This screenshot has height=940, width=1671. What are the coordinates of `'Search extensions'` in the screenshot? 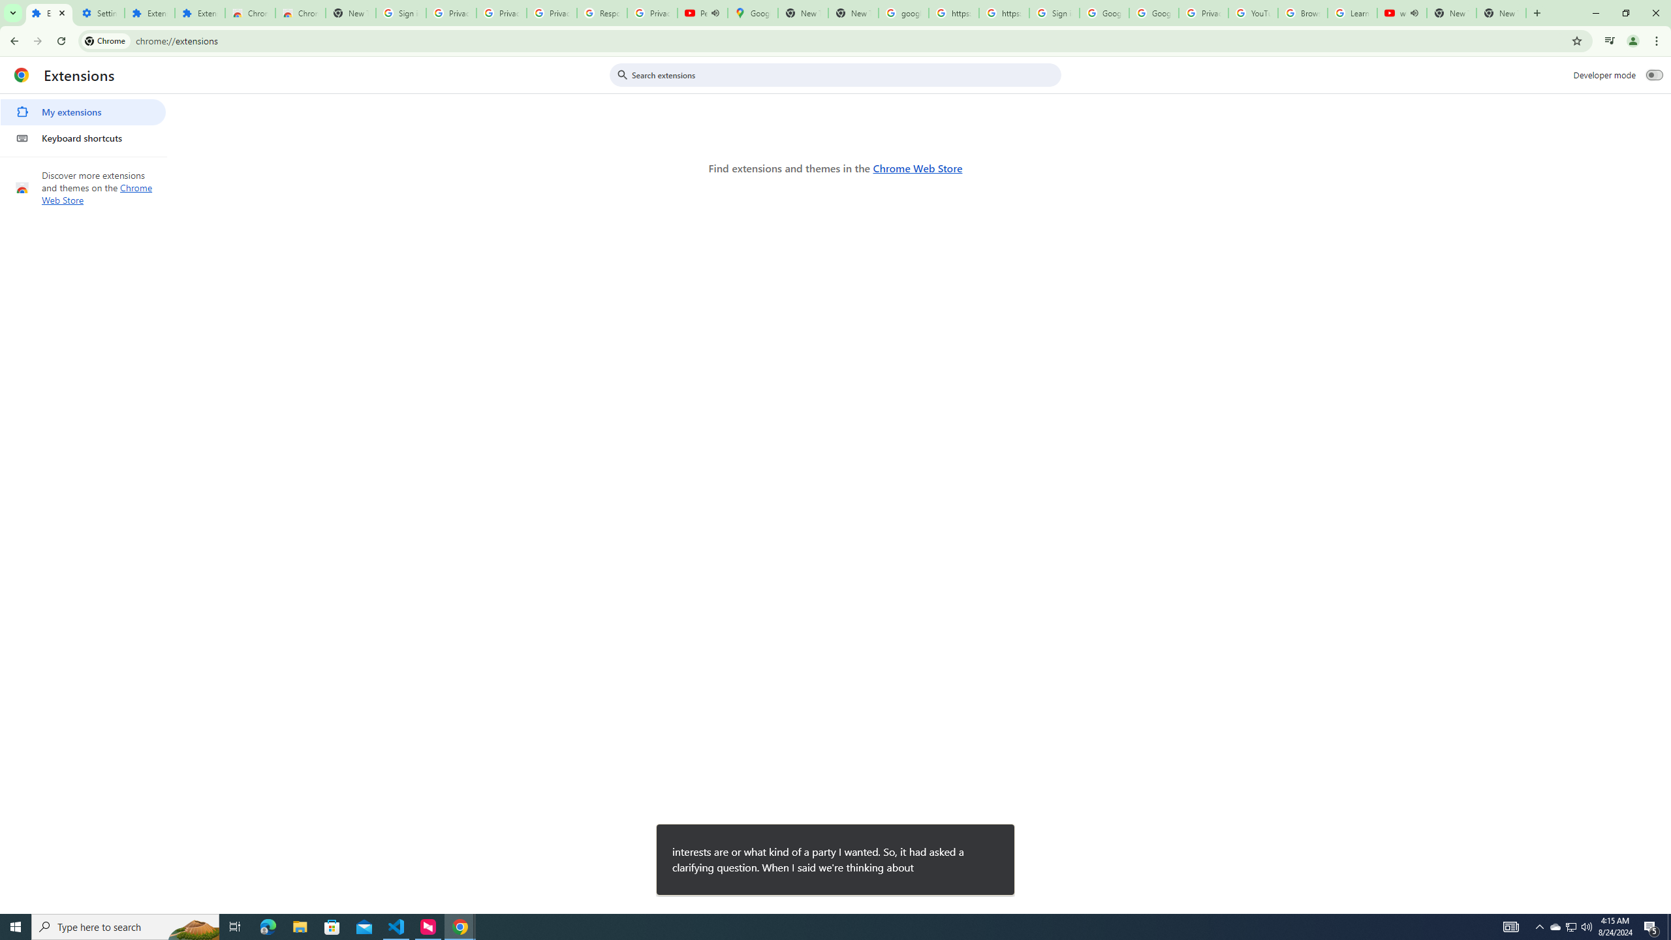 It's located at (844, 74).